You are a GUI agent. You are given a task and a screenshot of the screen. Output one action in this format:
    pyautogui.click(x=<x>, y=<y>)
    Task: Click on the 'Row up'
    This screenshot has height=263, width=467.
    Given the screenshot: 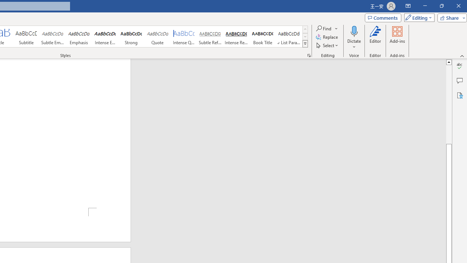 What is the action you would take?
    pyautogui.click(x=305, y=29)
    